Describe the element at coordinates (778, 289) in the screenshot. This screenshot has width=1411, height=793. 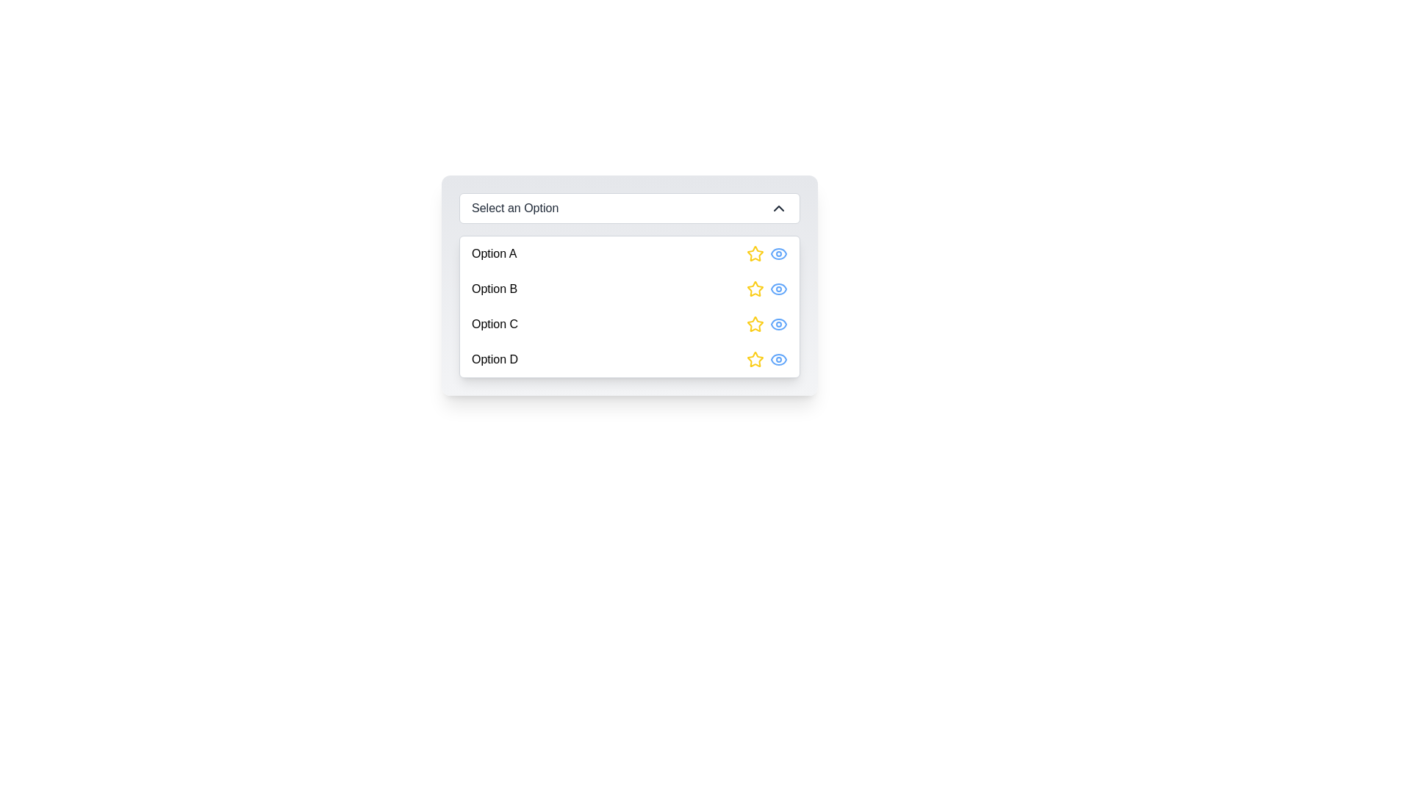
I see `the visibility icon, which is an eye-shaped icon with a blue outline, located as the second action on the right of the row corresponding to Option B, following a yellow star icon` at that location.